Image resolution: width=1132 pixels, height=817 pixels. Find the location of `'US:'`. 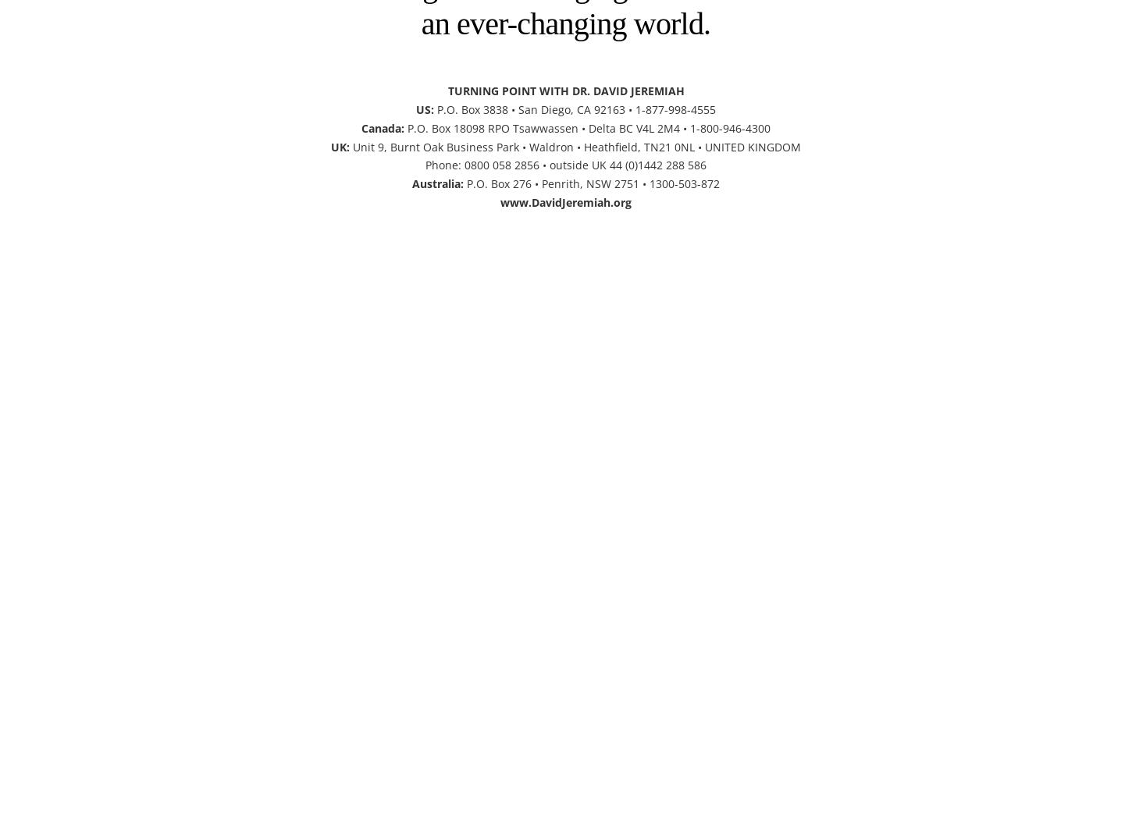

'US:' is located at coordinates (425, 108).